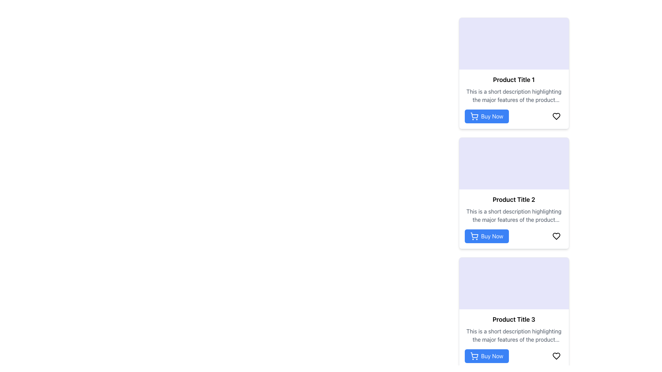 The height and width of the screenshot is (372, 662). Describe the element at coordinates (556, 356) in the screenshot. I see `the heart-shaped icon button located in the bottom-right corner of the 'Product Title 3' card to mark it as a favorite` at that location.